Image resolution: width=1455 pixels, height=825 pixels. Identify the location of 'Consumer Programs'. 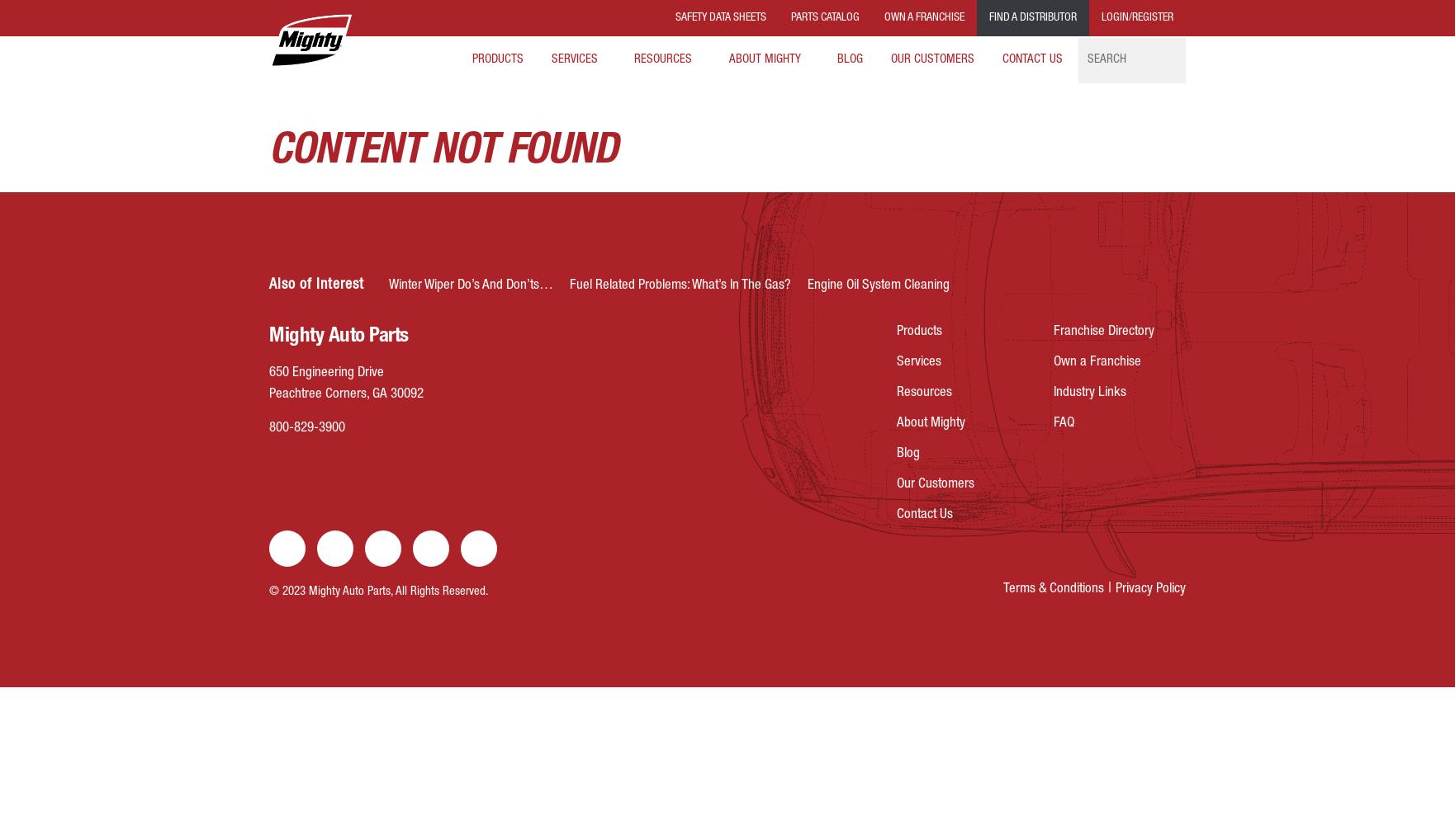
(690, 376).